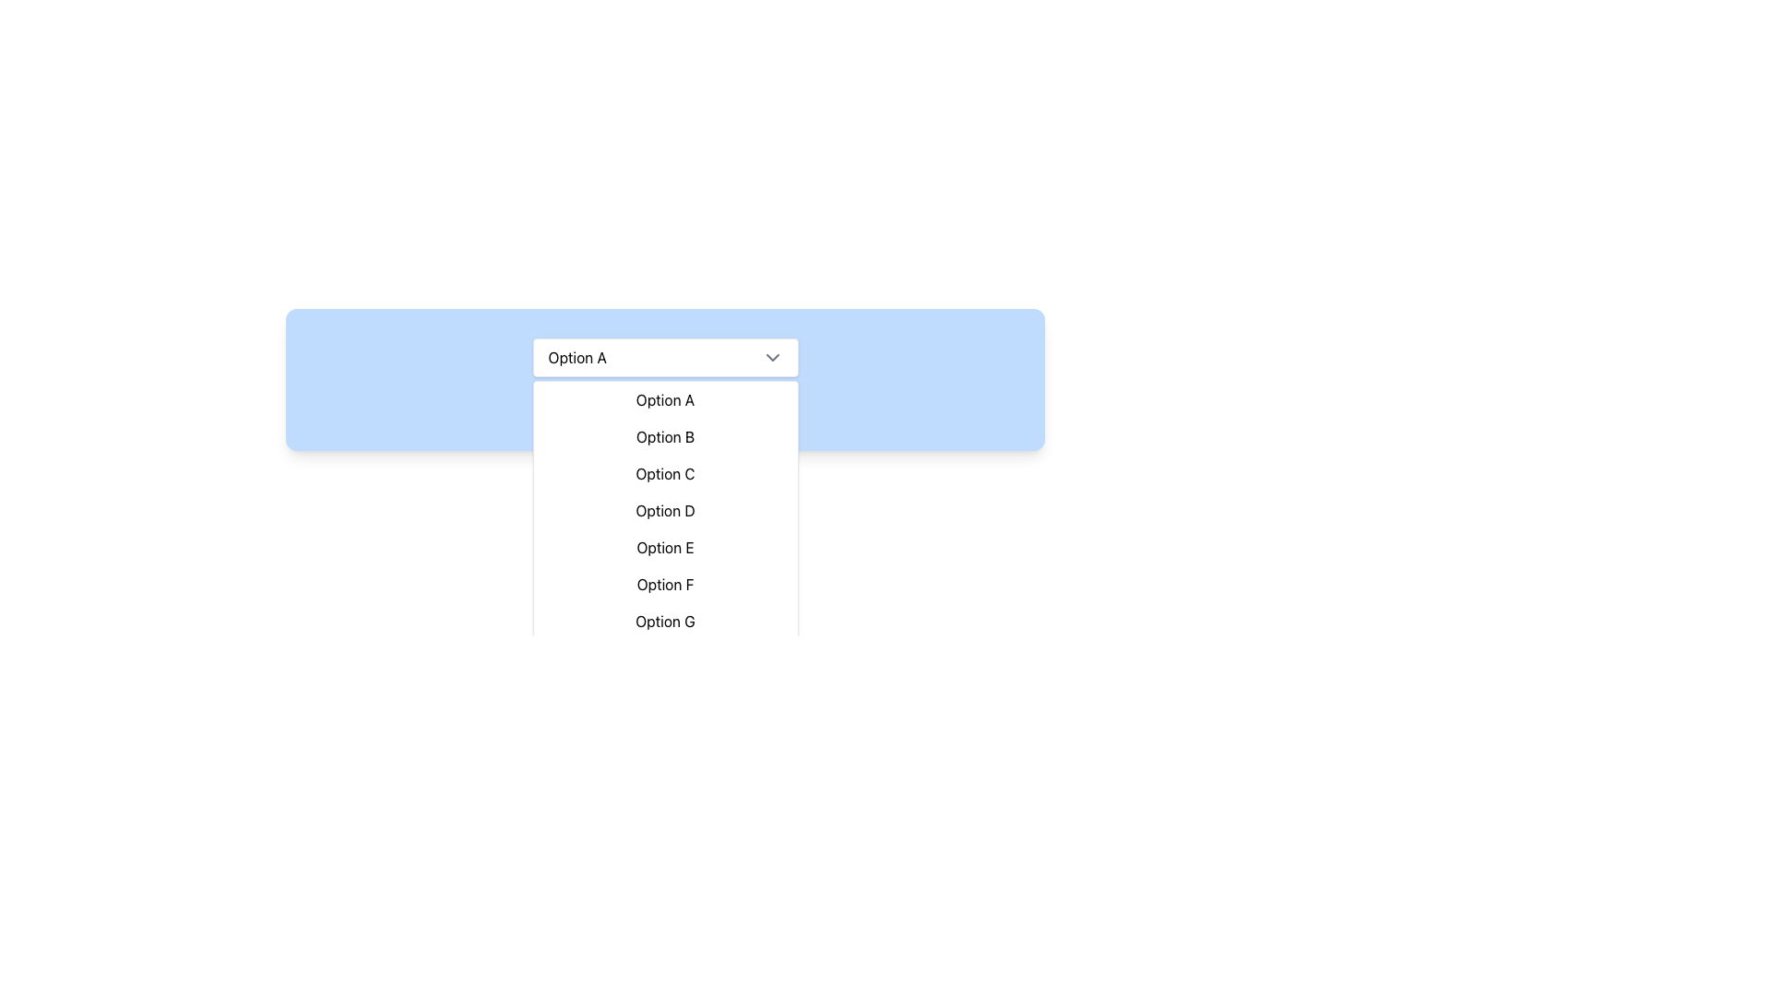 Image resolution: width=1771 pixels, height=996 pixels. I want to click on the second option in the dropdown menu, so click(664, 437).